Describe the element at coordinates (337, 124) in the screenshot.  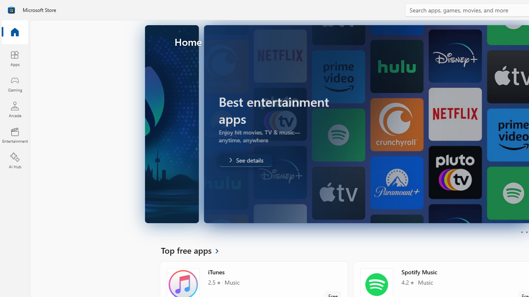
I see `'AutomationID: Image'` at that location.